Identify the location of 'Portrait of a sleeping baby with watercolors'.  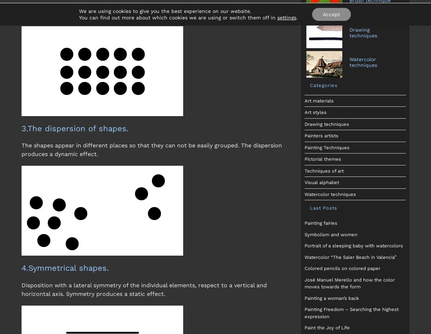
(303, 246).